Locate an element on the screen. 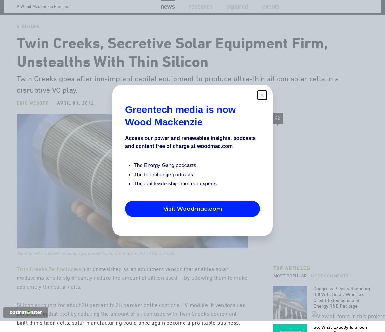 This screenshot has width=385, height=332. 'Eric Wesoff' is located at coordinates (33, 130).